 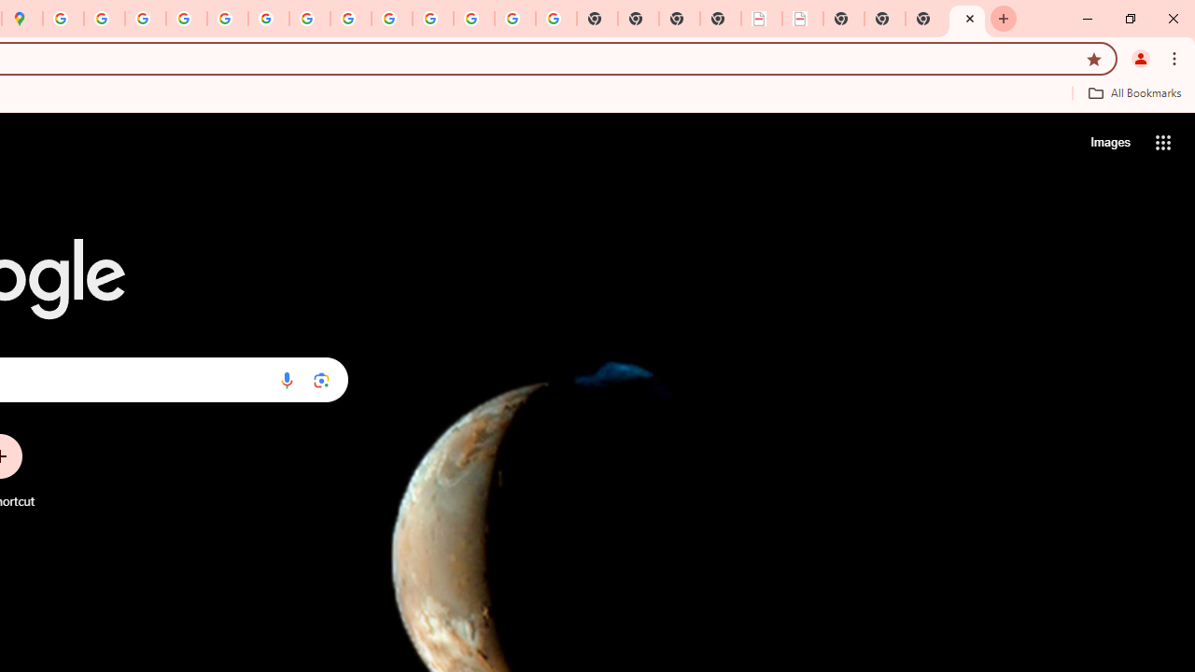 I want to click on 'LAAD Defence & Security 2025 | BAE Systems', so click(x=762, y=19).